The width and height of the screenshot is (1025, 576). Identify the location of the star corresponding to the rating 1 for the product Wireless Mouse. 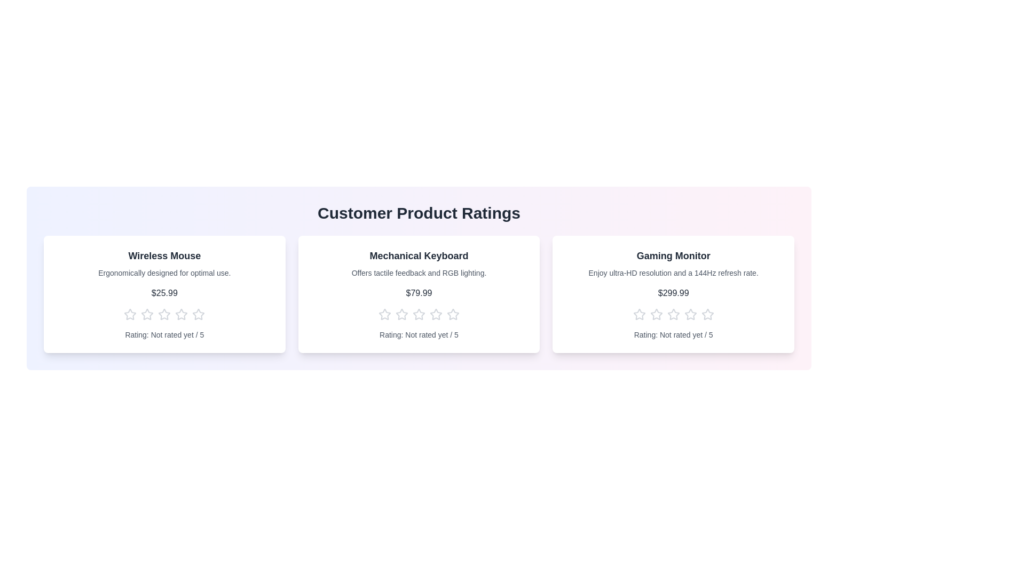
(130, 314).